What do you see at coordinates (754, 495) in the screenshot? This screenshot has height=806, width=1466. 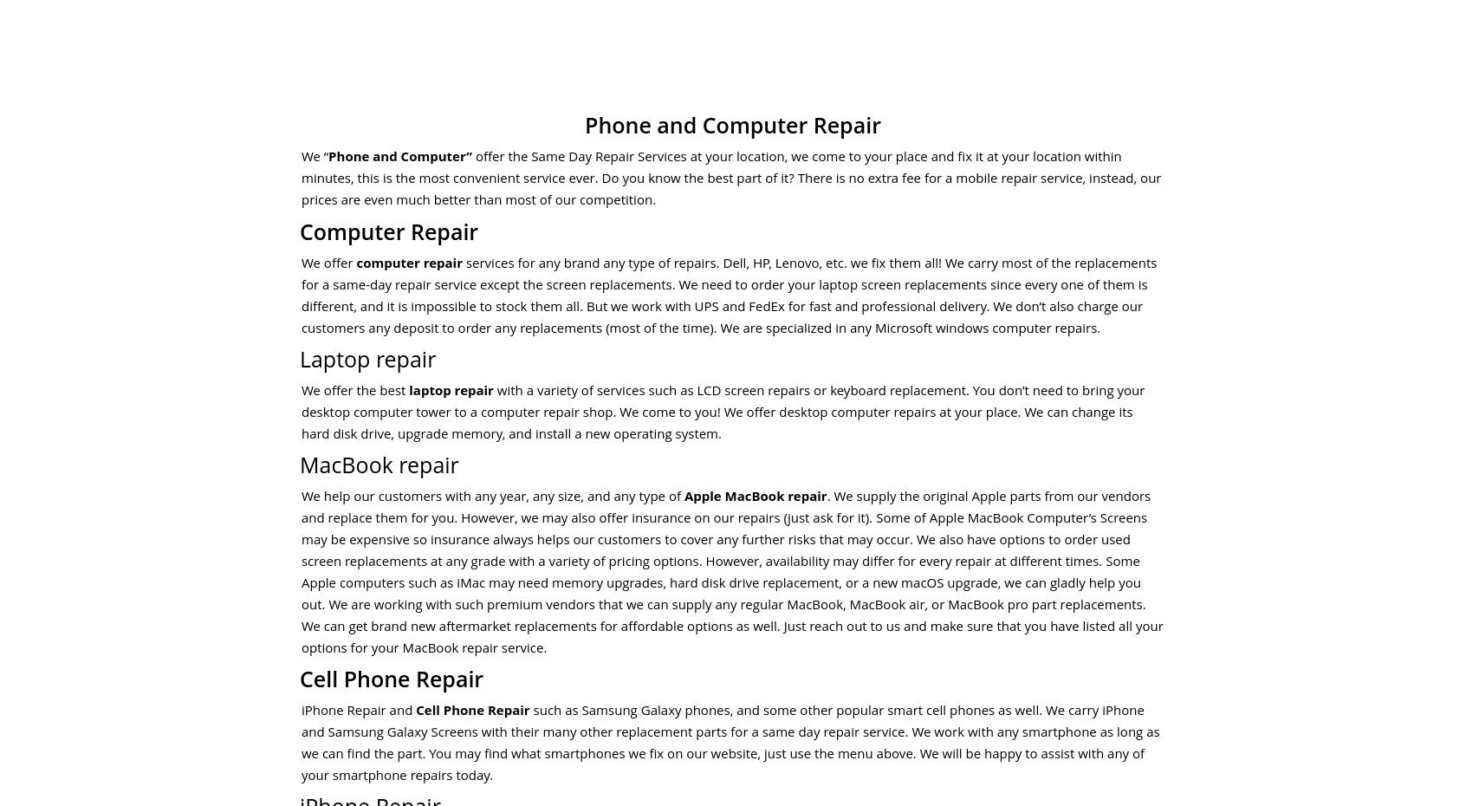 I see `'Apple MacBook repair'` at bounding box center [754, 495].